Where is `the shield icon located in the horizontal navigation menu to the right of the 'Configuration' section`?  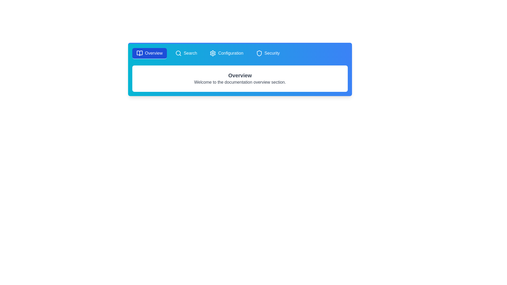 the shield icon located in the horizontal navigation menu to the right of the 'Configuration' section is located at coordinates (259, 53).